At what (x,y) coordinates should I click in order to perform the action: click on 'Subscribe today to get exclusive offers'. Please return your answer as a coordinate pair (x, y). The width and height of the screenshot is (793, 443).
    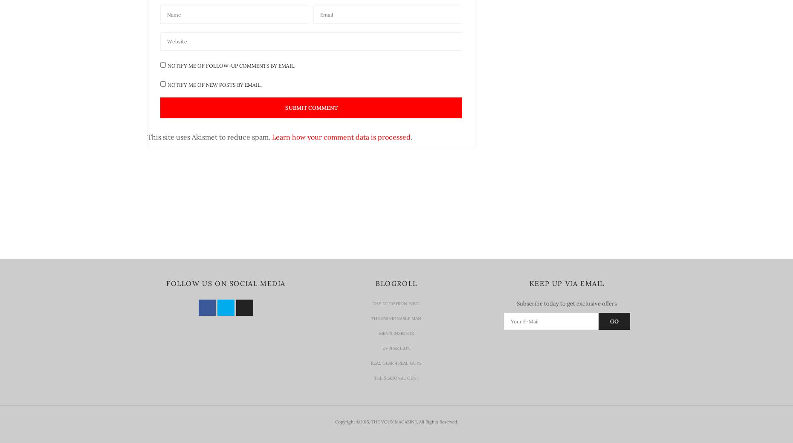
    Looking at the image, I should click on (567, 303).